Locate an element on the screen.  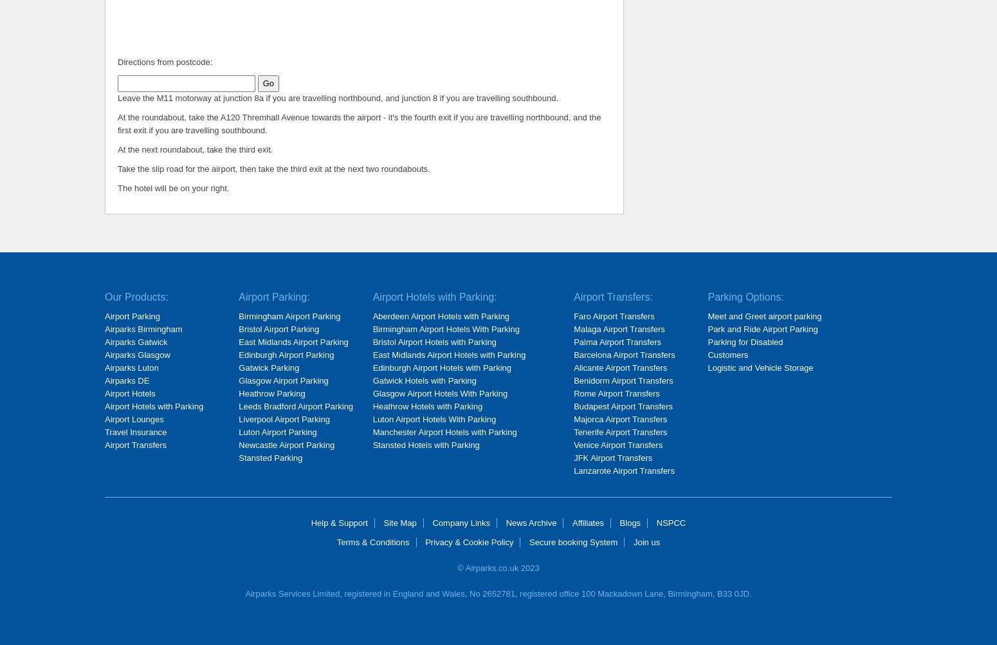
'East Midlands Airport Hotels with Parking' is located at coordinates (448, 355).